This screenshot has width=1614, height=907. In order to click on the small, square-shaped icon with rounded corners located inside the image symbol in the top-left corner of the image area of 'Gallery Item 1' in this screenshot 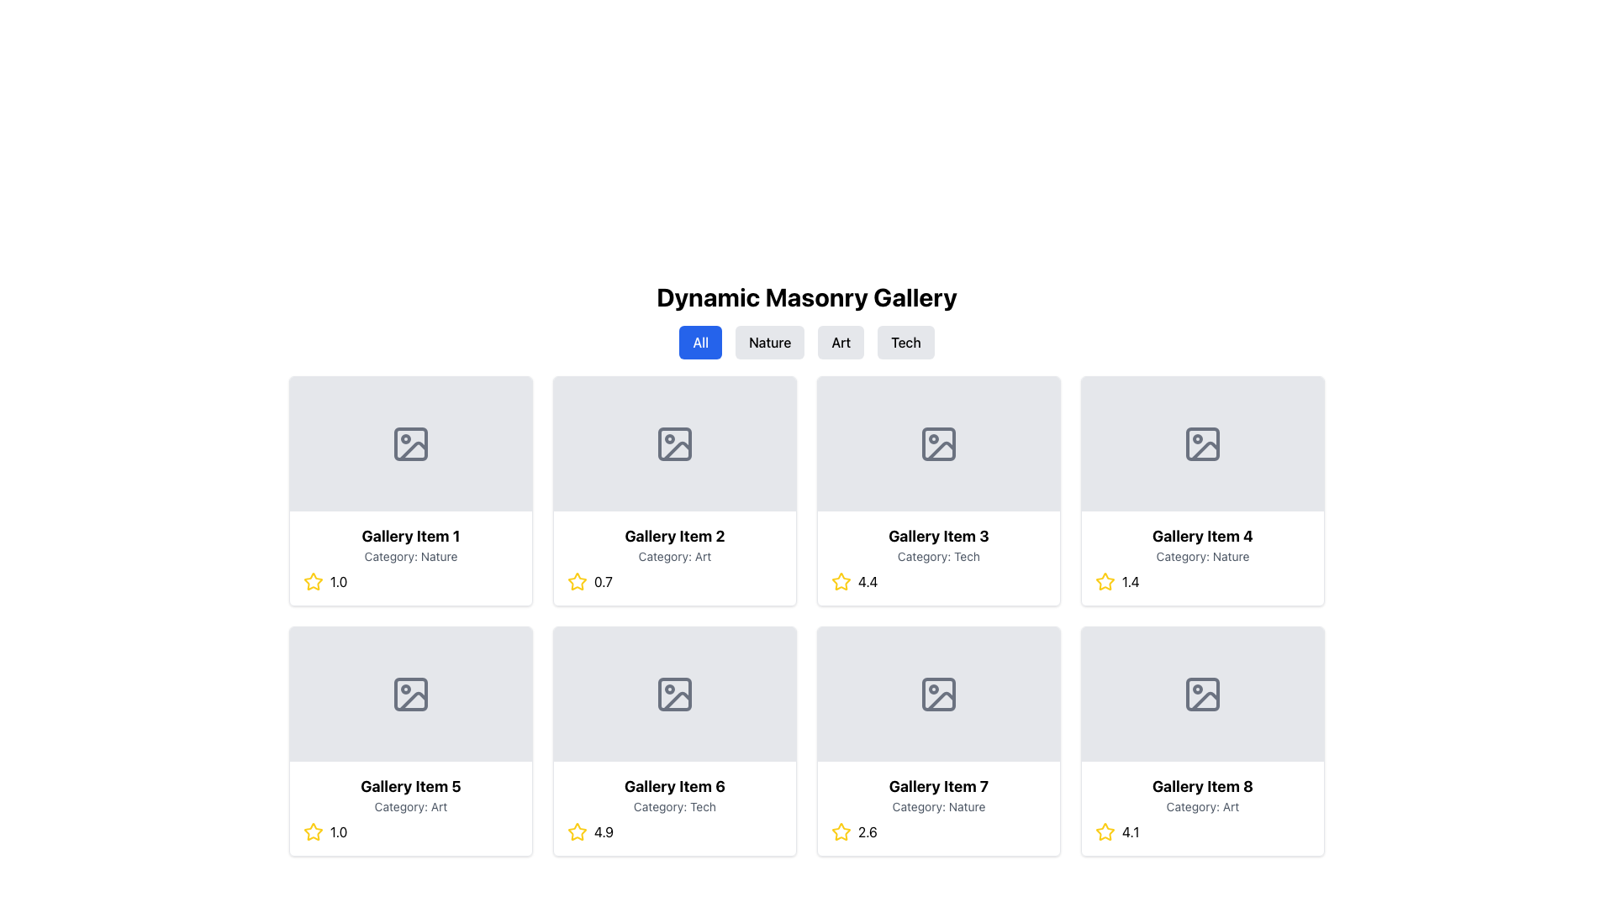, I will do `click(411, 443)`.